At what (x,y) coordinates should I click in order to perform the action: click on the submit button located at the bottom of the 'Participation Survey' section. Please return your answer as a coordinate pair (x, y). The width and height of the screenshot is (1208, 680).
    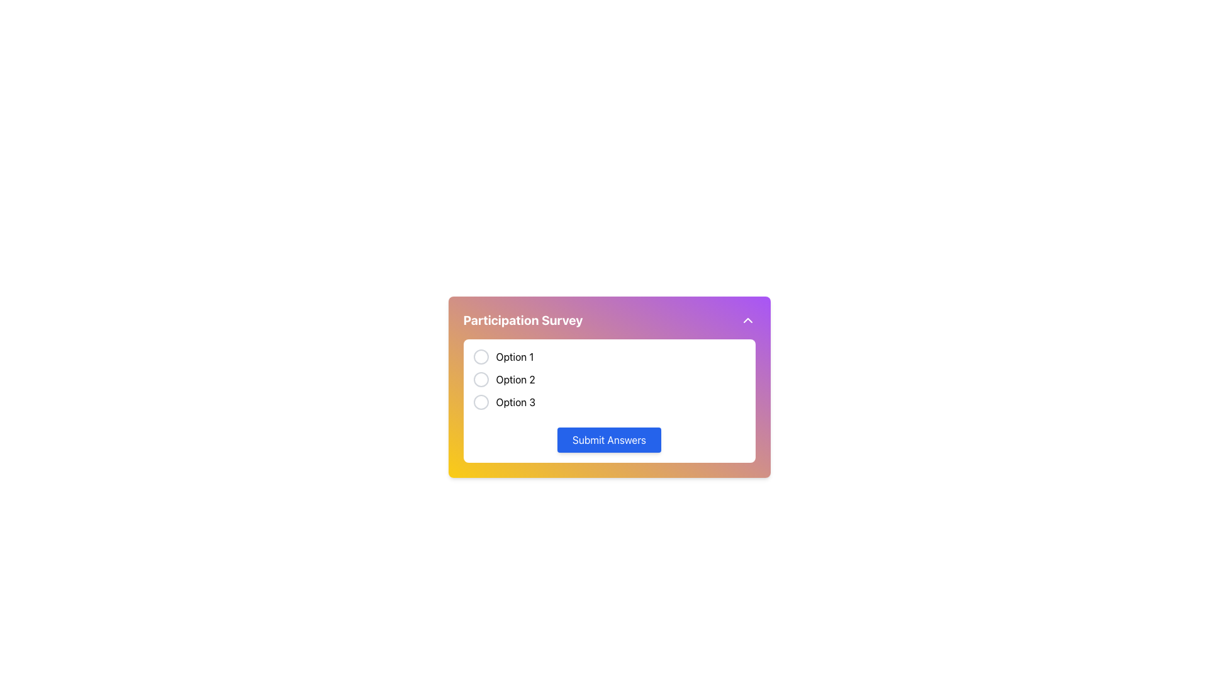
    Looking at the image, I should click on (609, 439).